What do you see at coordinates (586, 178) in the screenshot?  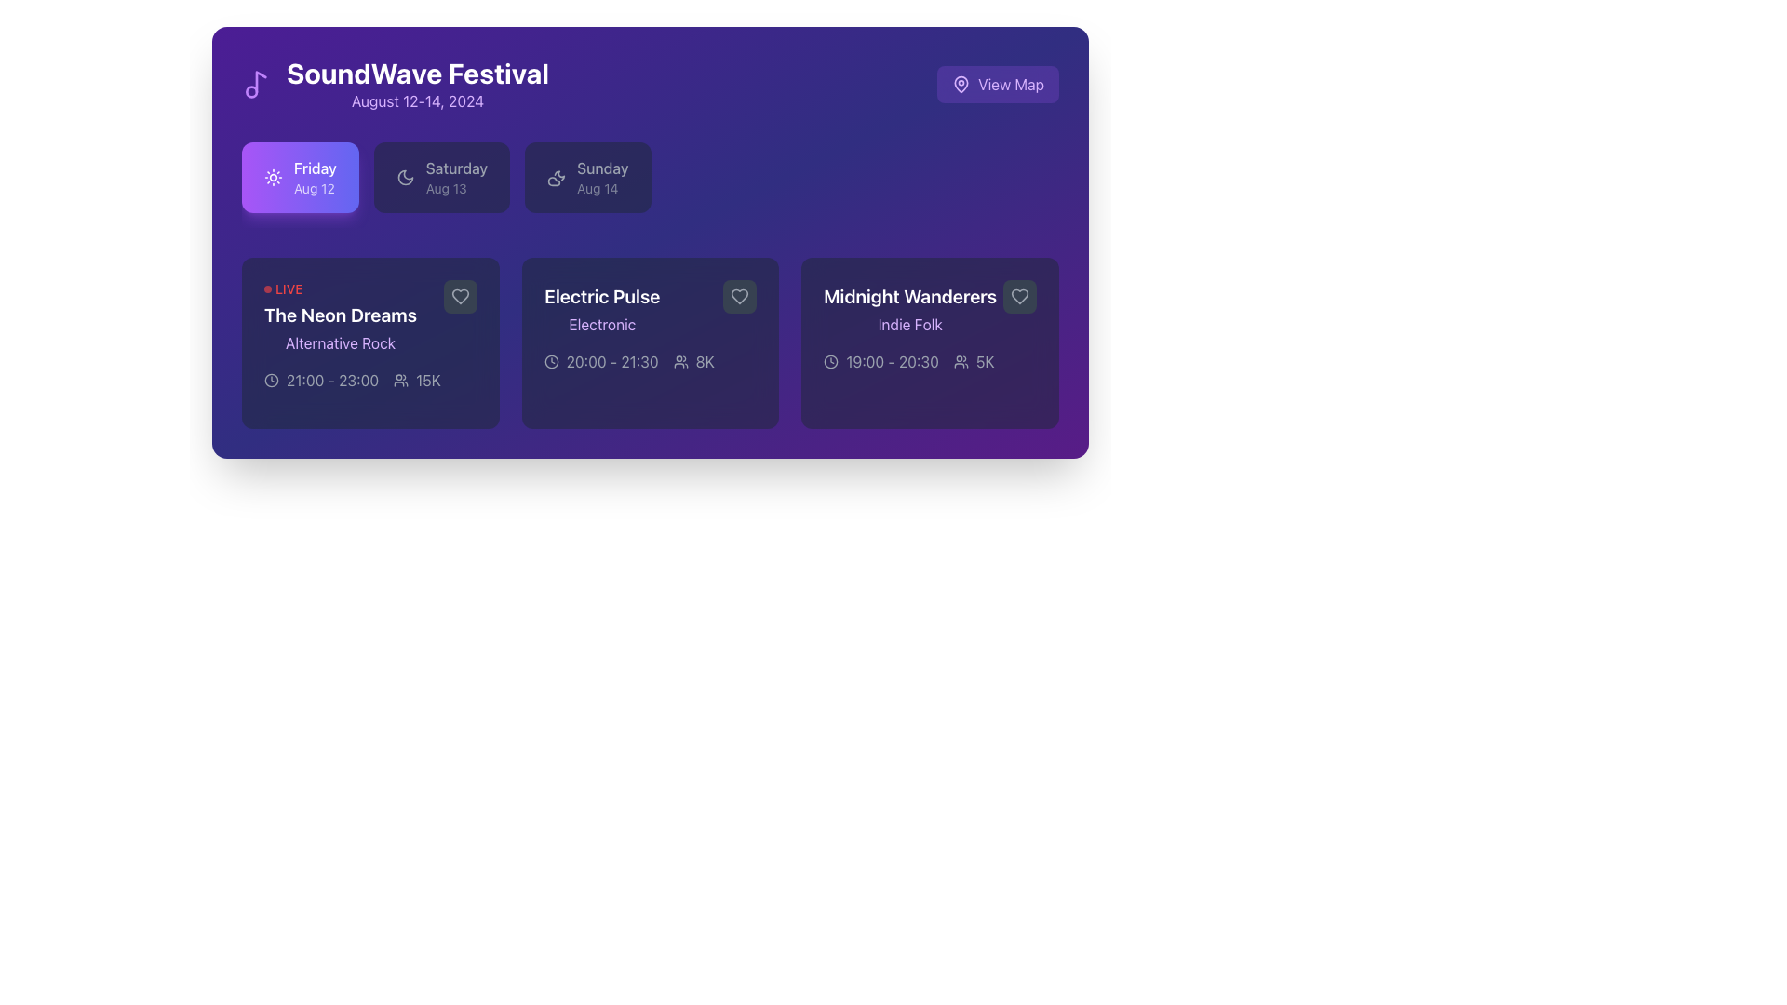 I see `the third button labeled 'Sunday' with a weather icon` at bounding box center [586, 178].